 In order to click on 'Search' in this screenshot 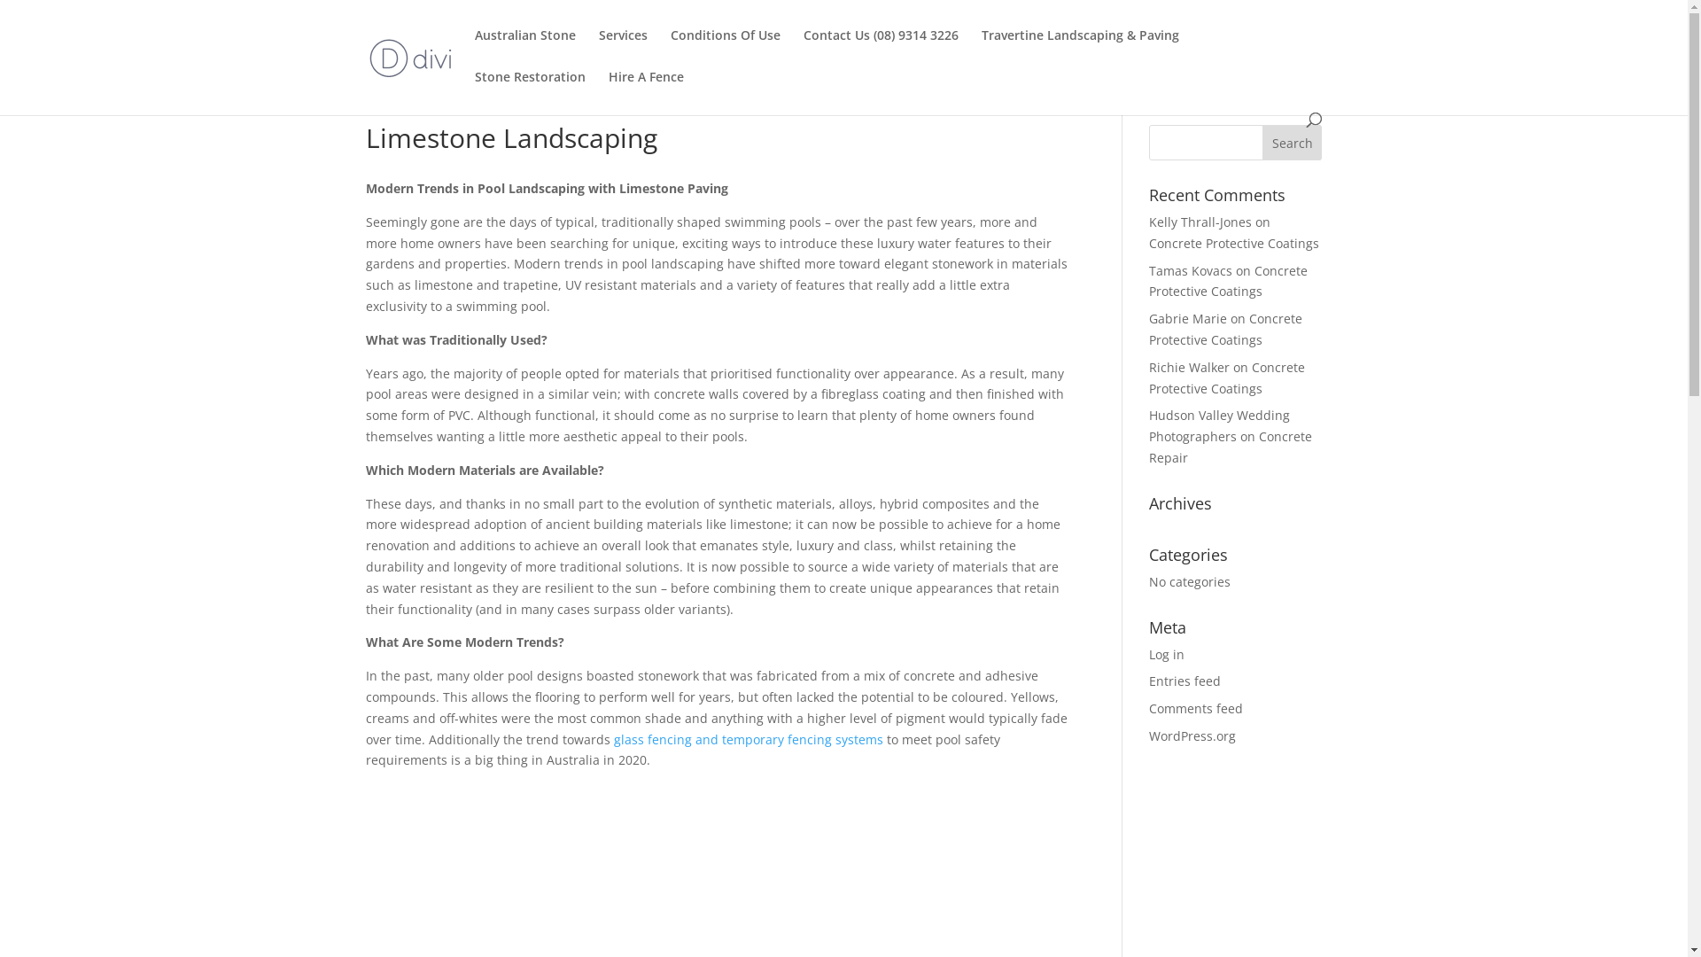, I will do `click(1293, 142)`.